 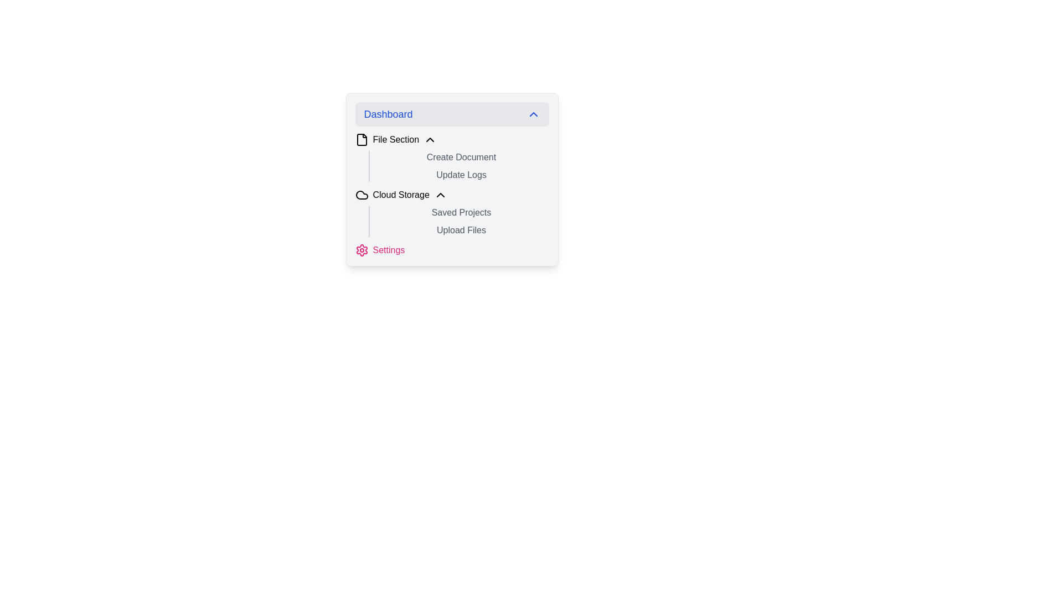 What do you see at coordinates (452, 158) in the screenshot?
I see `the 'Create Document' text label in the dropdown list under the 'File Section' heading` at bounding box center [452, 158].